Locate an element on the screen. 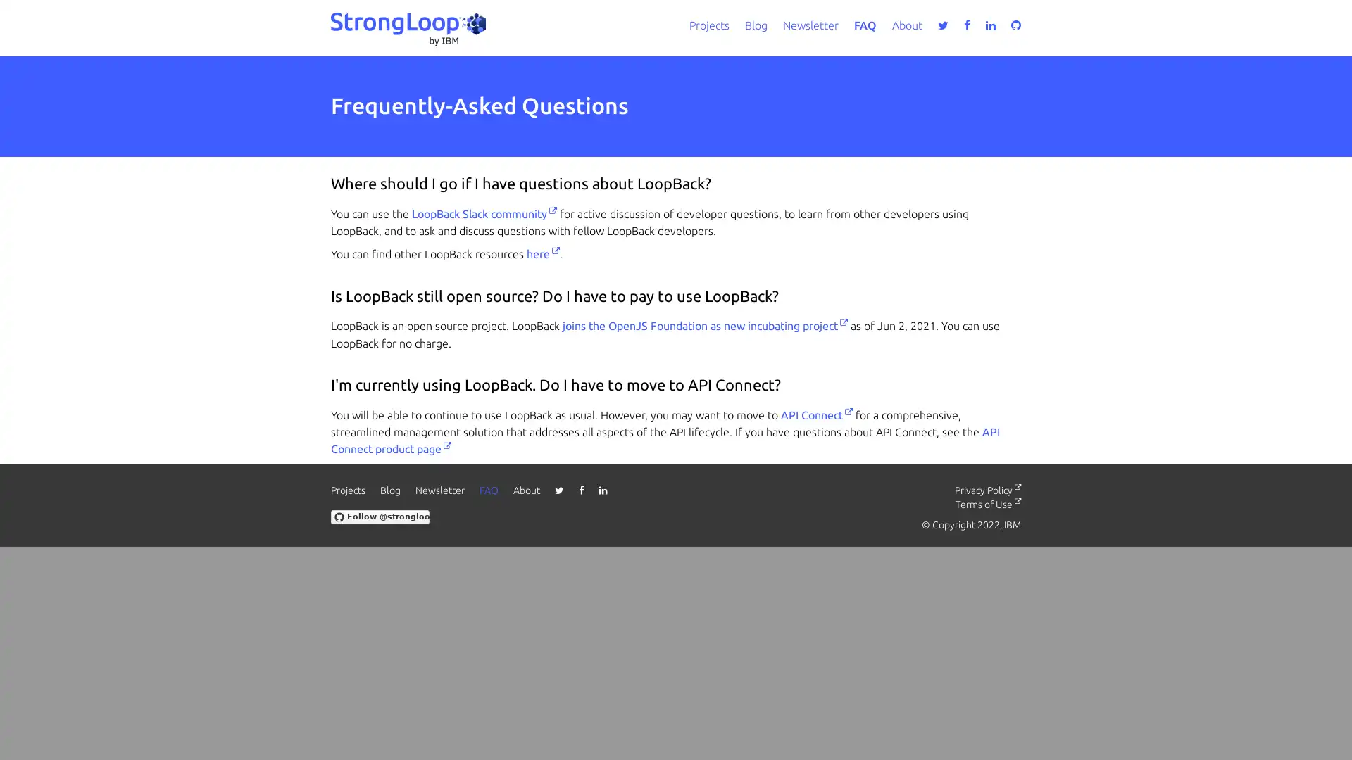 Image resolution: width=1352 pixels, height=760 pixels. Accept all is located at coordinates (1238, 663).